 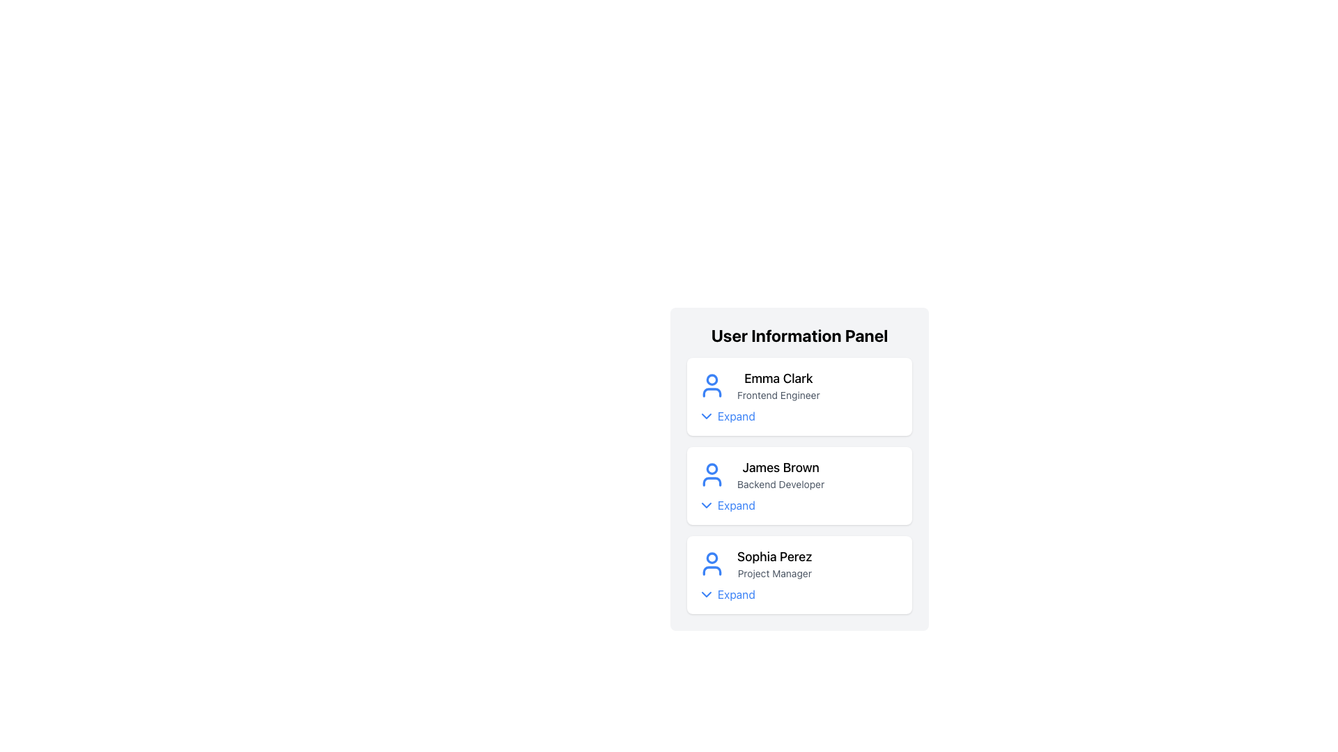 I want to click on the bottom arc of the user avatar icon within the profile card of 'James Brown', located inside the second user section of the information panel, so click(x=712, y=480).